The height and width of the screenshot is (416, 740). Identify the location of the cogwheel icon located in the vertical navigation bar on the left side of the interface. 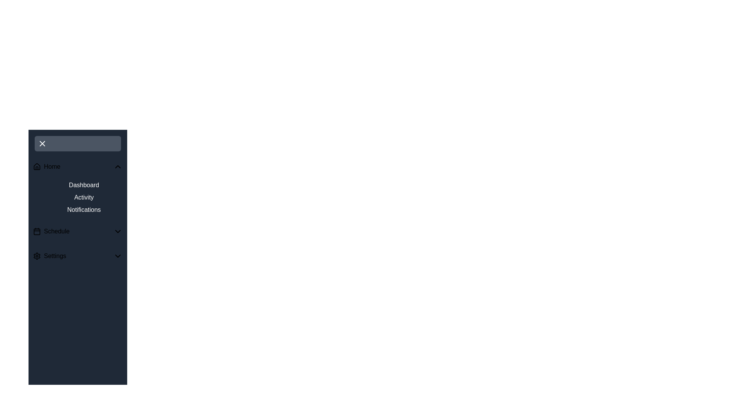
(37, 256).